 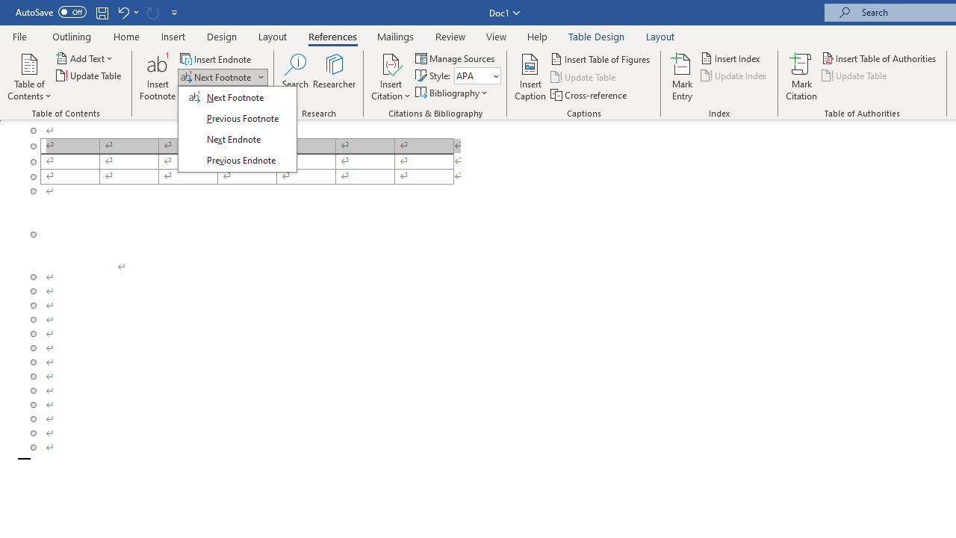 What do you see at coordinates (71, 36) in the screenshot?
I see `'Outlining'` at bounding box center [71, 36].